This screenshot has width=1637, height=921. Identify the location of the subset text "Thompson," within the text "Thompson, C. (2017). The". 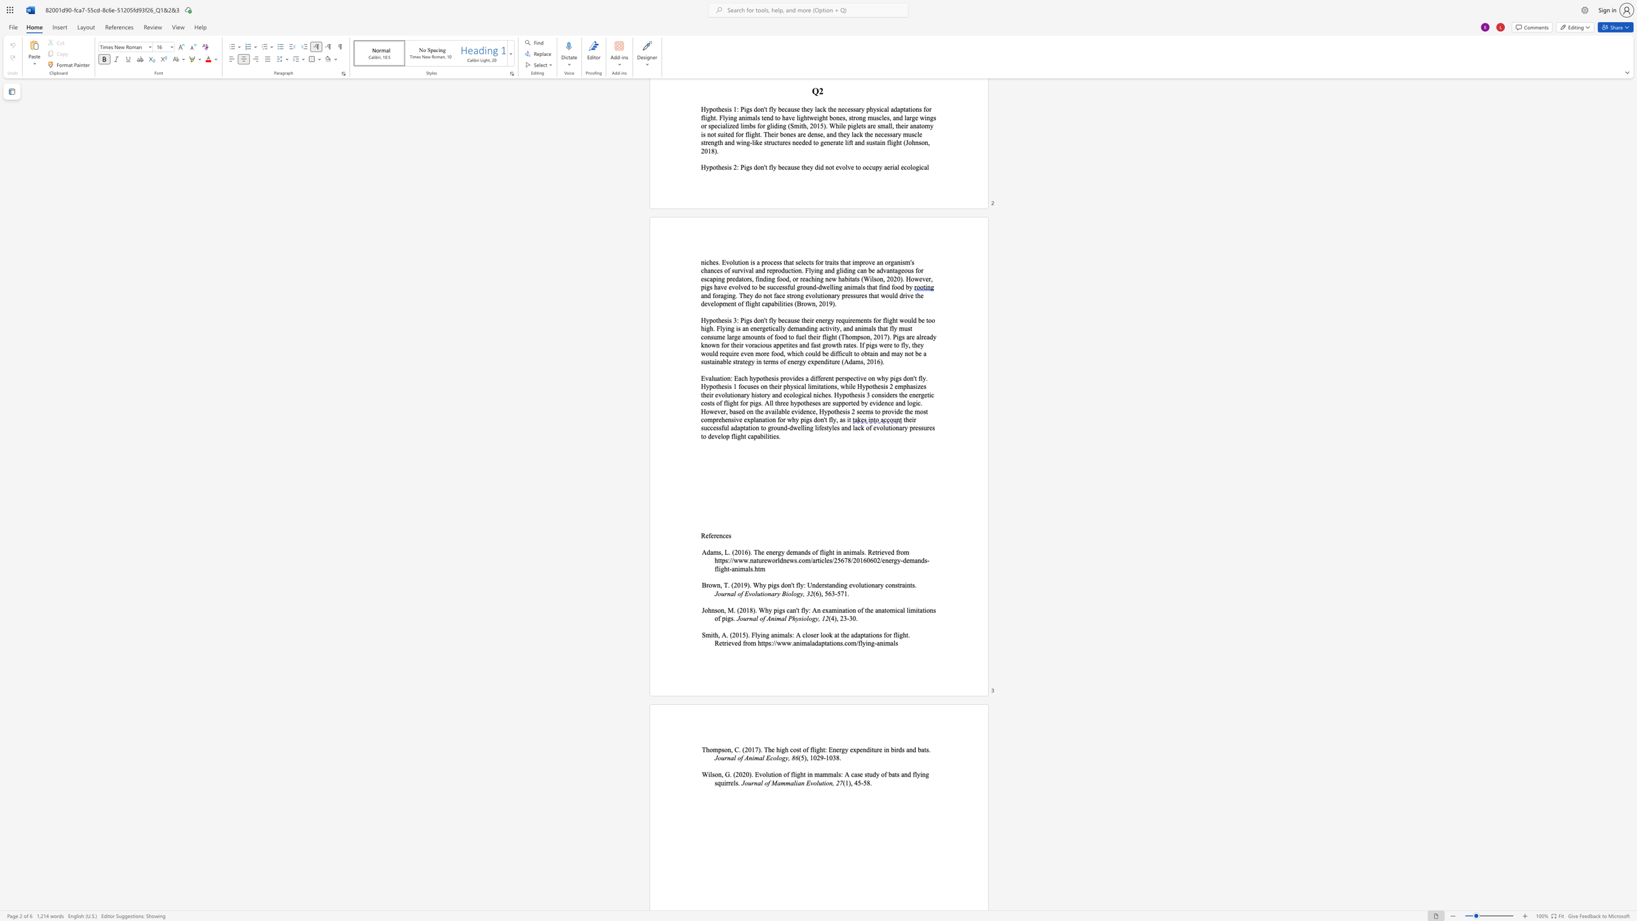
(702, 749).